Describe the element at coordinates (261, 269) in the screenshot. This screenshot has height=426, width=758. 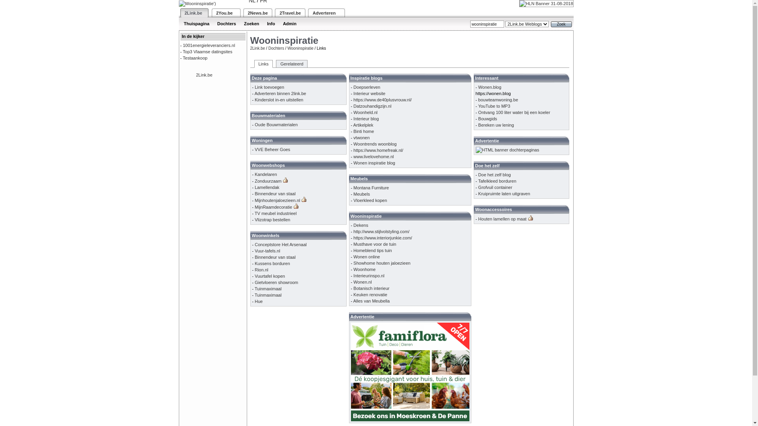
I see `'Rion.nl'` at that location.